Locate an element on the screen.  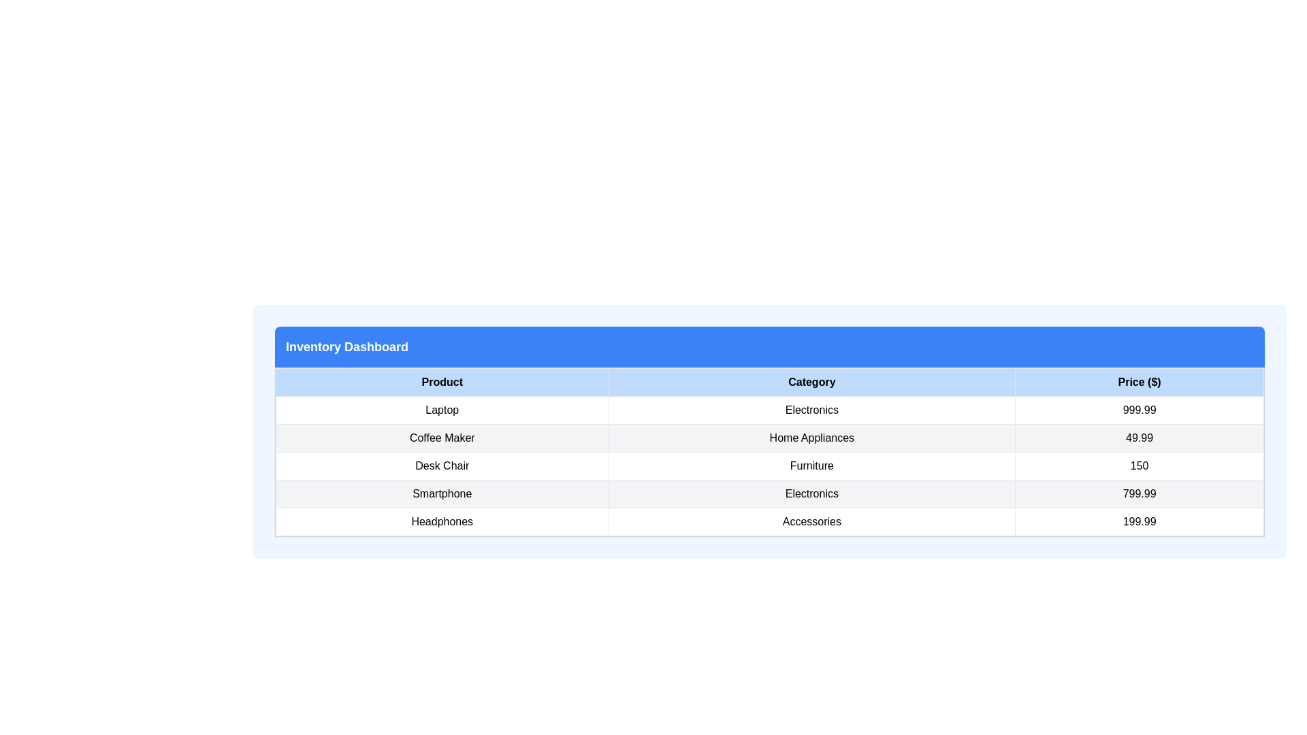
the Text element in the second column of the table header that categorizes the column for the table data, which is positioned between the 'Product' and 'Price ($)' headers is located at coordinates (811, 382).